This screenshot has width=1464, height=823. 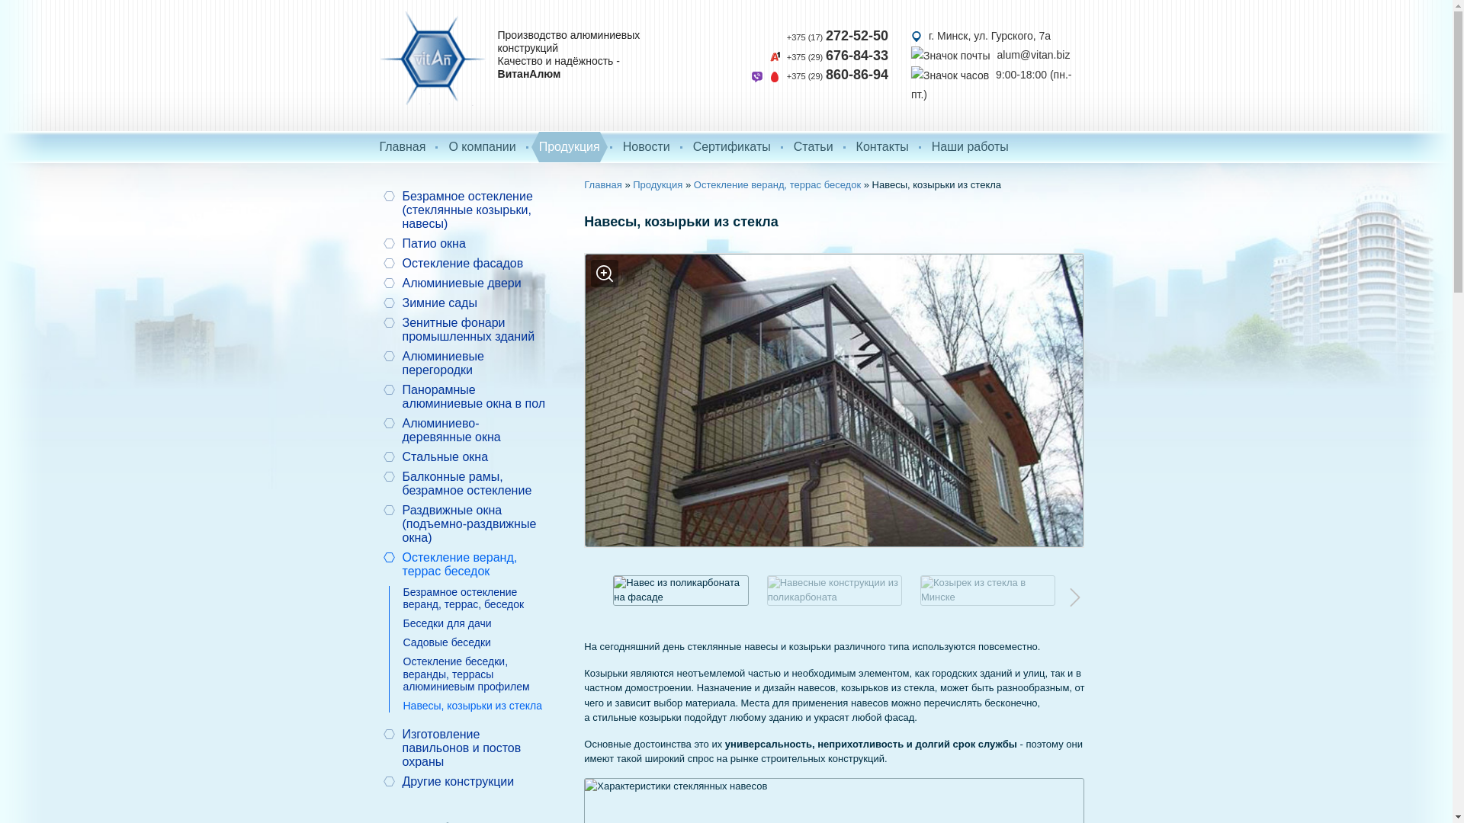 I want to click on 'alum@vitan.biz', so click(x=990, y=55).